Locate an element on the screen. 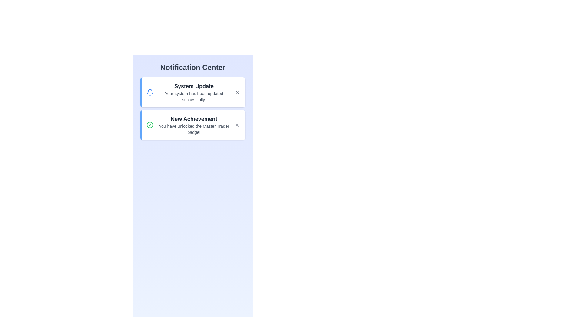 The height and width of the screenshot is (327, 582). the Notification card titled 'System Update' which has a white background and a blue vertical border, located at the top of the notification list is located at coordinates (192, 92).